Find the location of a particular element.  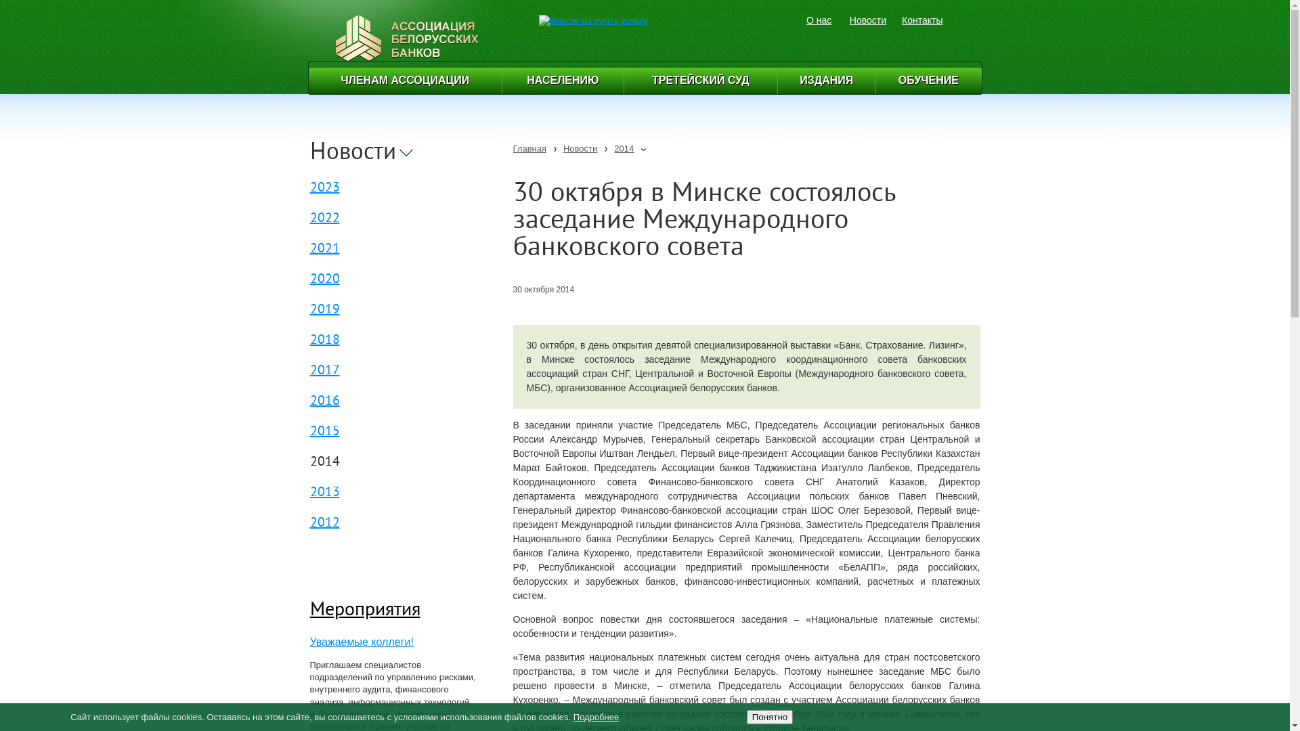

'2023' is located at coordinates (325, 188).